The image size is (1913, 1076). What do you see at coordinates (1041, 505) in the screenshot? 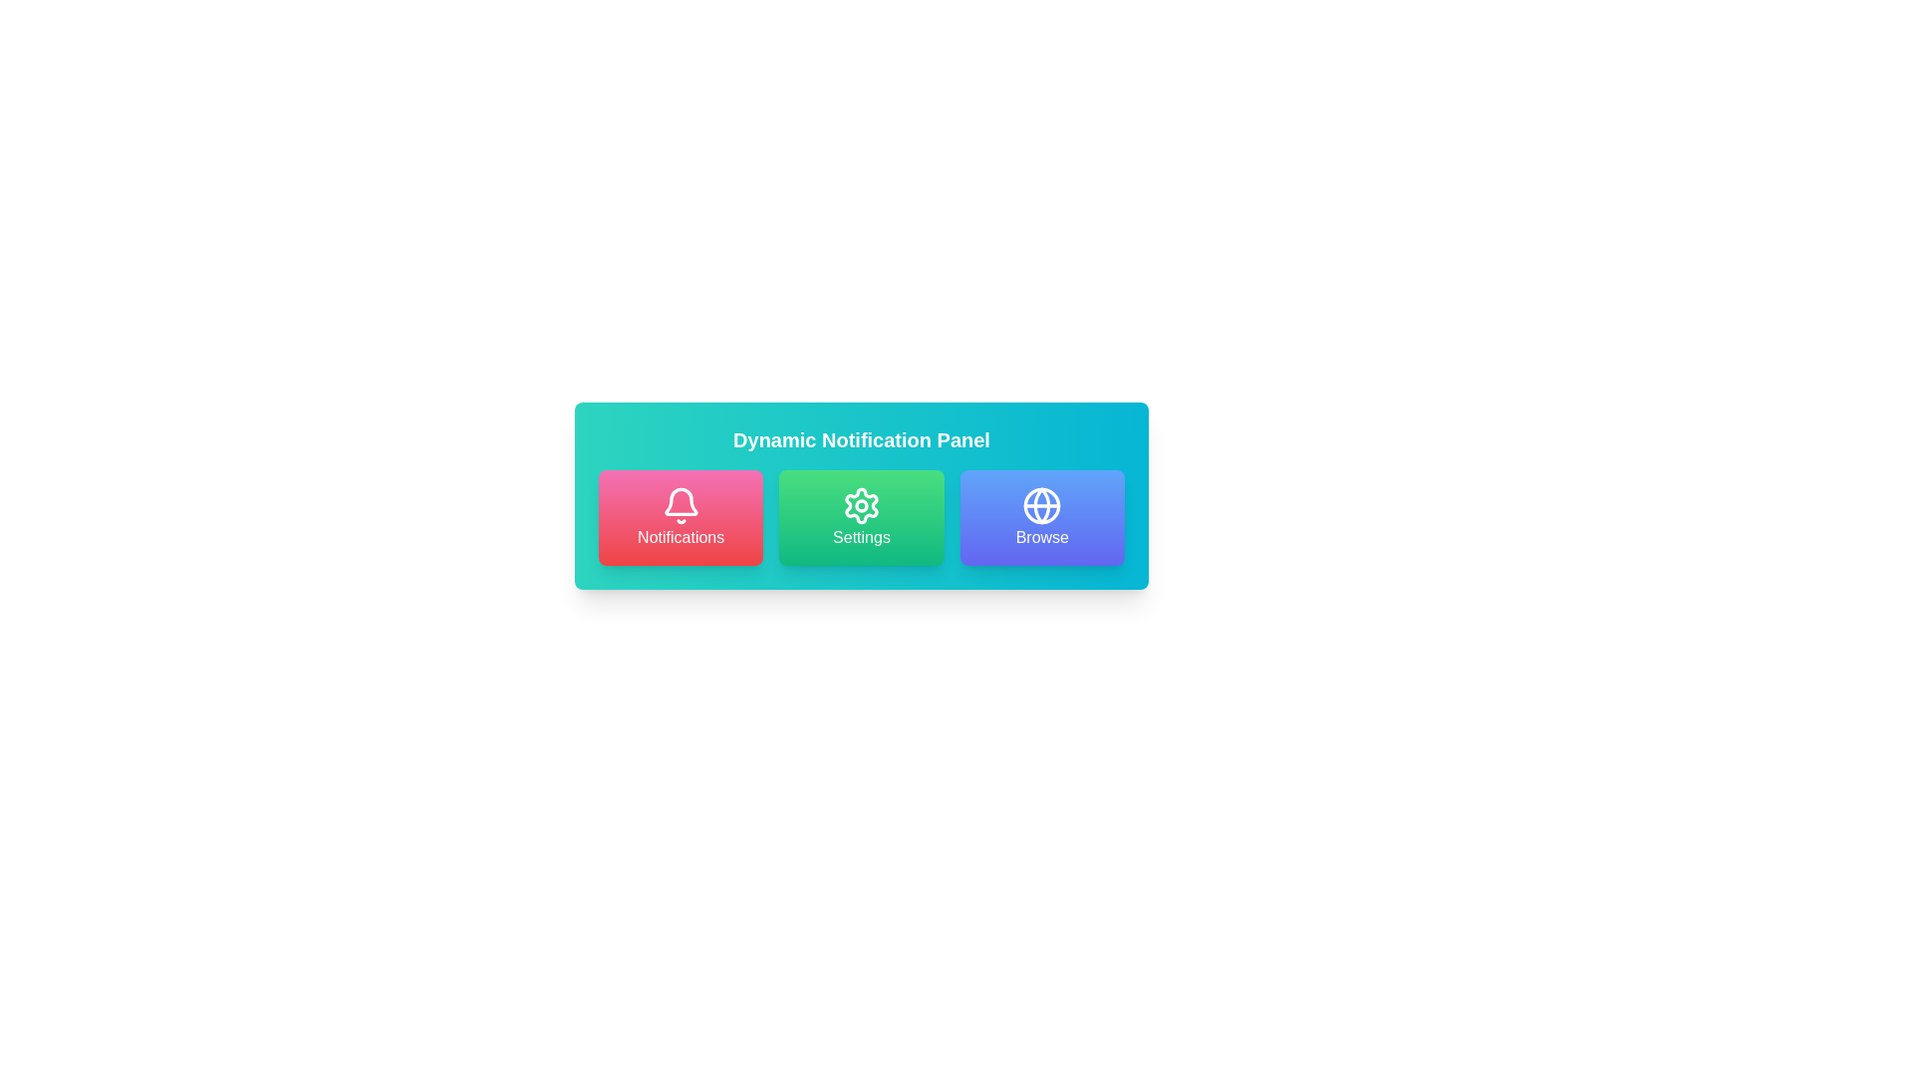
I see `the globe icon within the blue rectangular background labeled 'Browse', which is the third button in a row of three` at bounding box center [1041, 505].